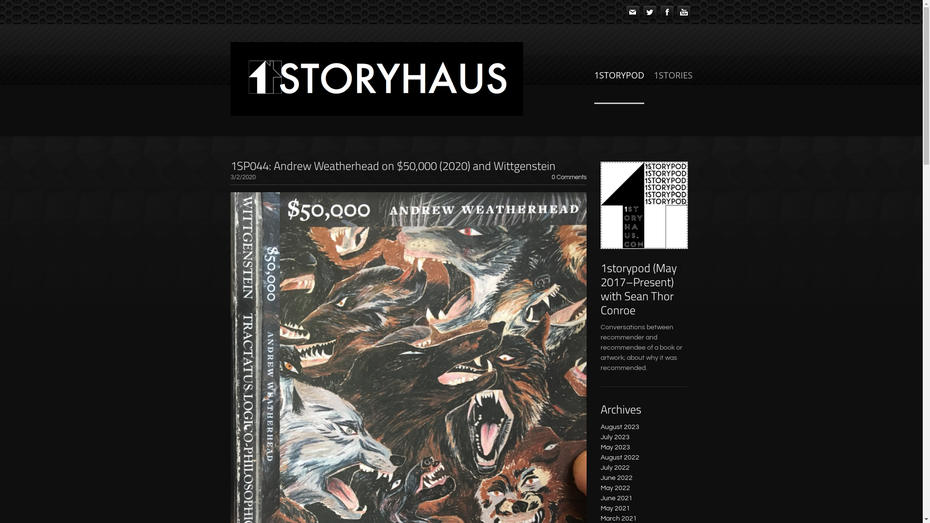 The height and width of the screenshot is (523, 930). I want to click on 'August 2023', so click(620, 427).